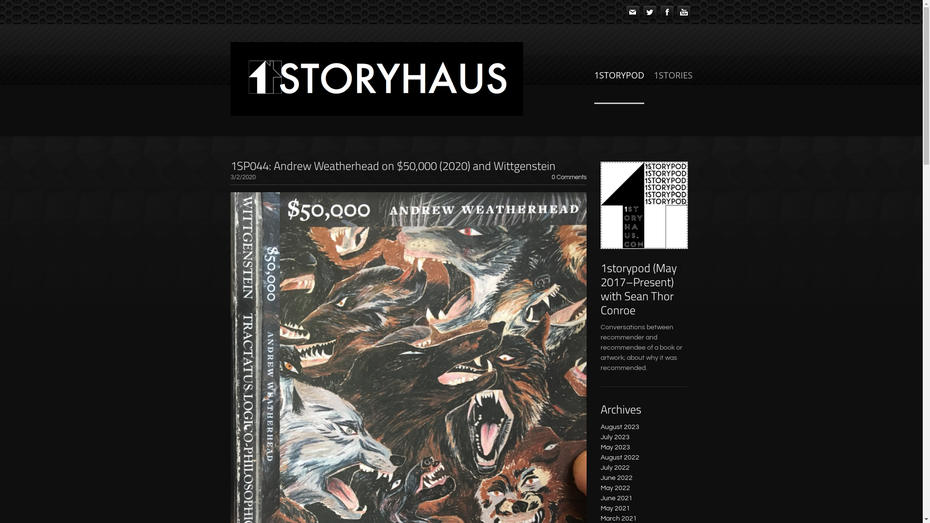 The height and width of the screenshot is (523, 930). I want to click on 'August 2023', so click(620, 427).